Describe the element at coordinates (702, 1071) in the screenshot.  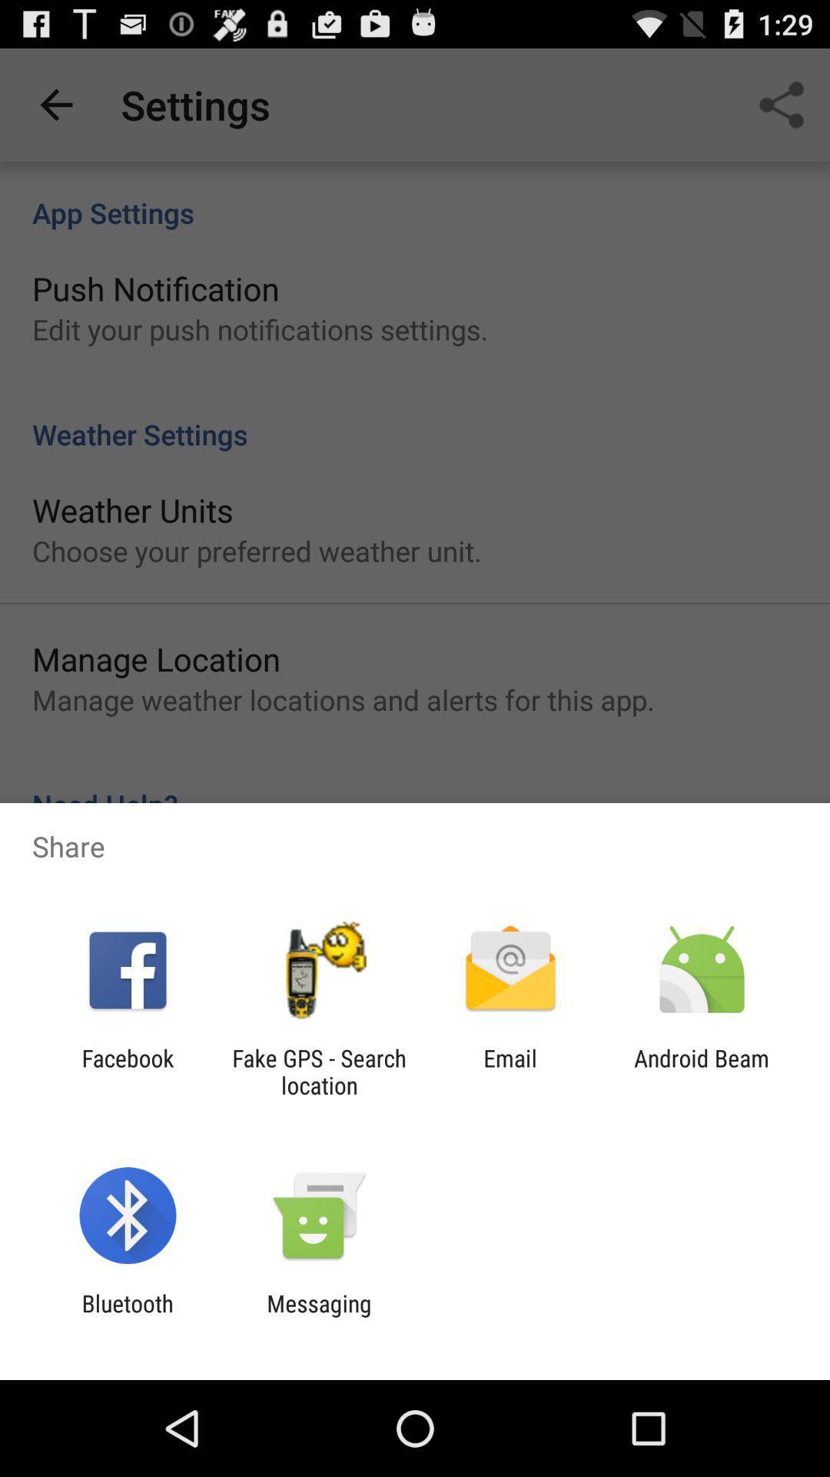
I see `the icon to the right of email icon` at that location.